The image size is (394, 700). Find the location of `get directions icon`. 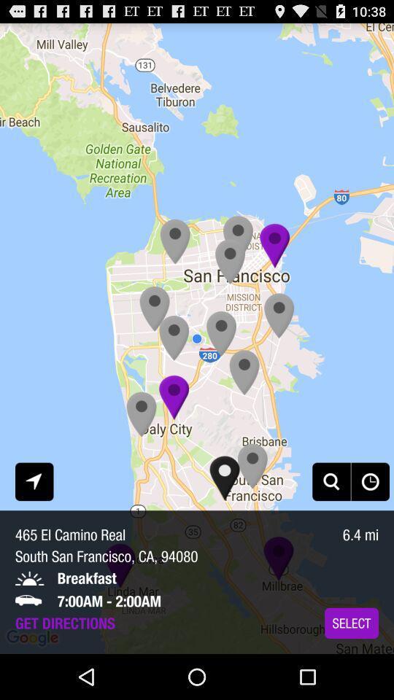

get directions icon is located at coordinates (64, 622).